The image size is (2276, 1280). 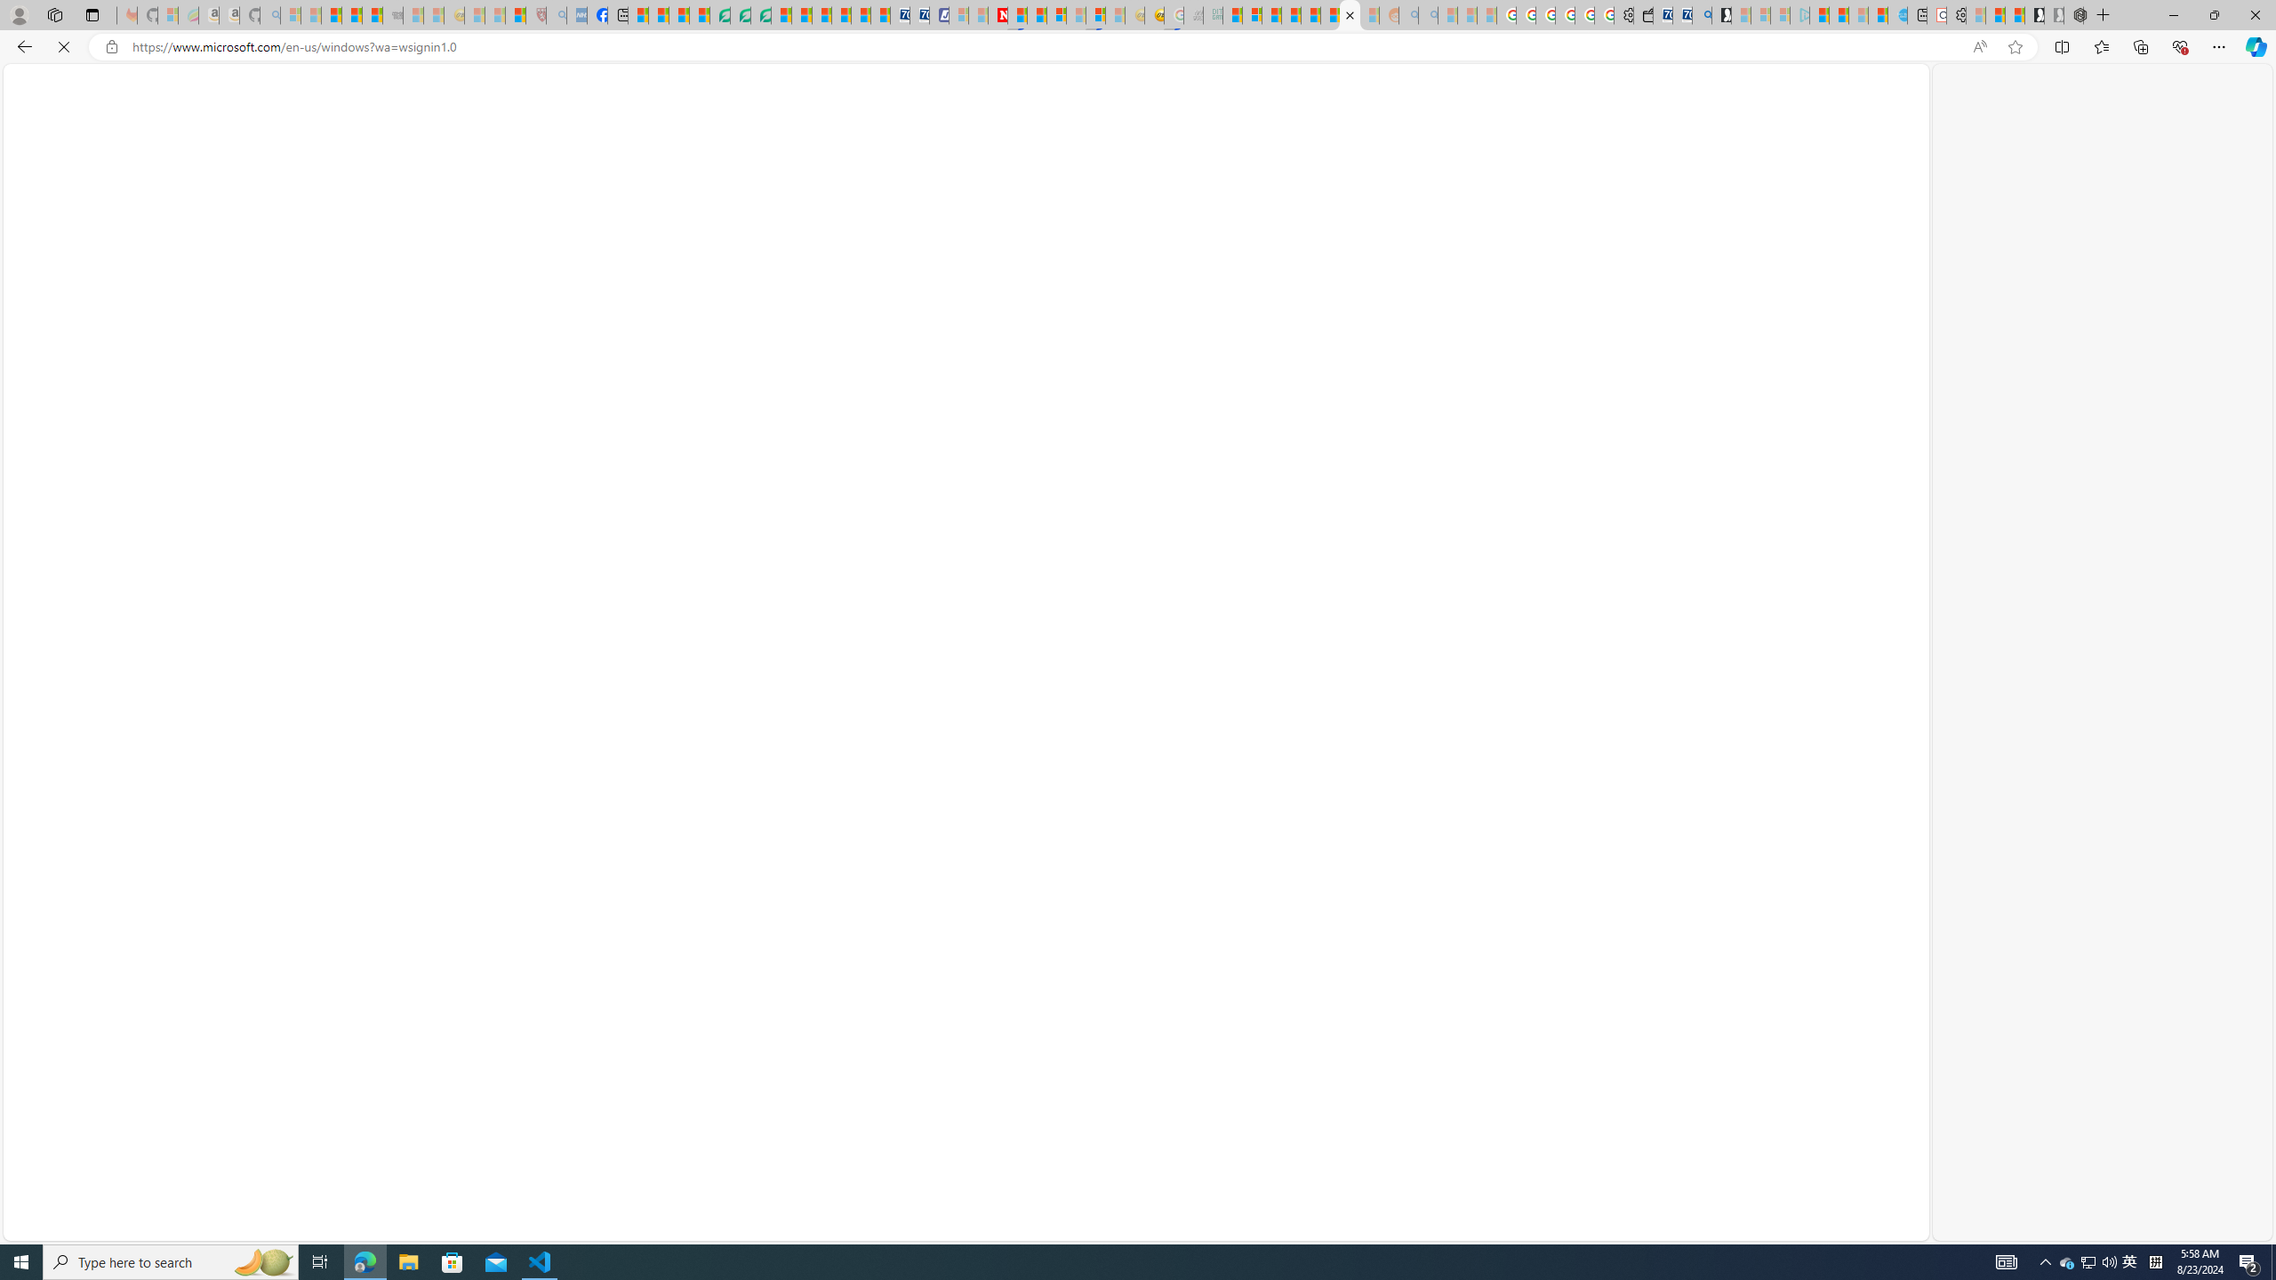 What do you see at coordinates (1700, 14) in the screenshot?
I see `'Bing Real Estate - Home sales and rental listings'` at bounding box center [1700, 14].